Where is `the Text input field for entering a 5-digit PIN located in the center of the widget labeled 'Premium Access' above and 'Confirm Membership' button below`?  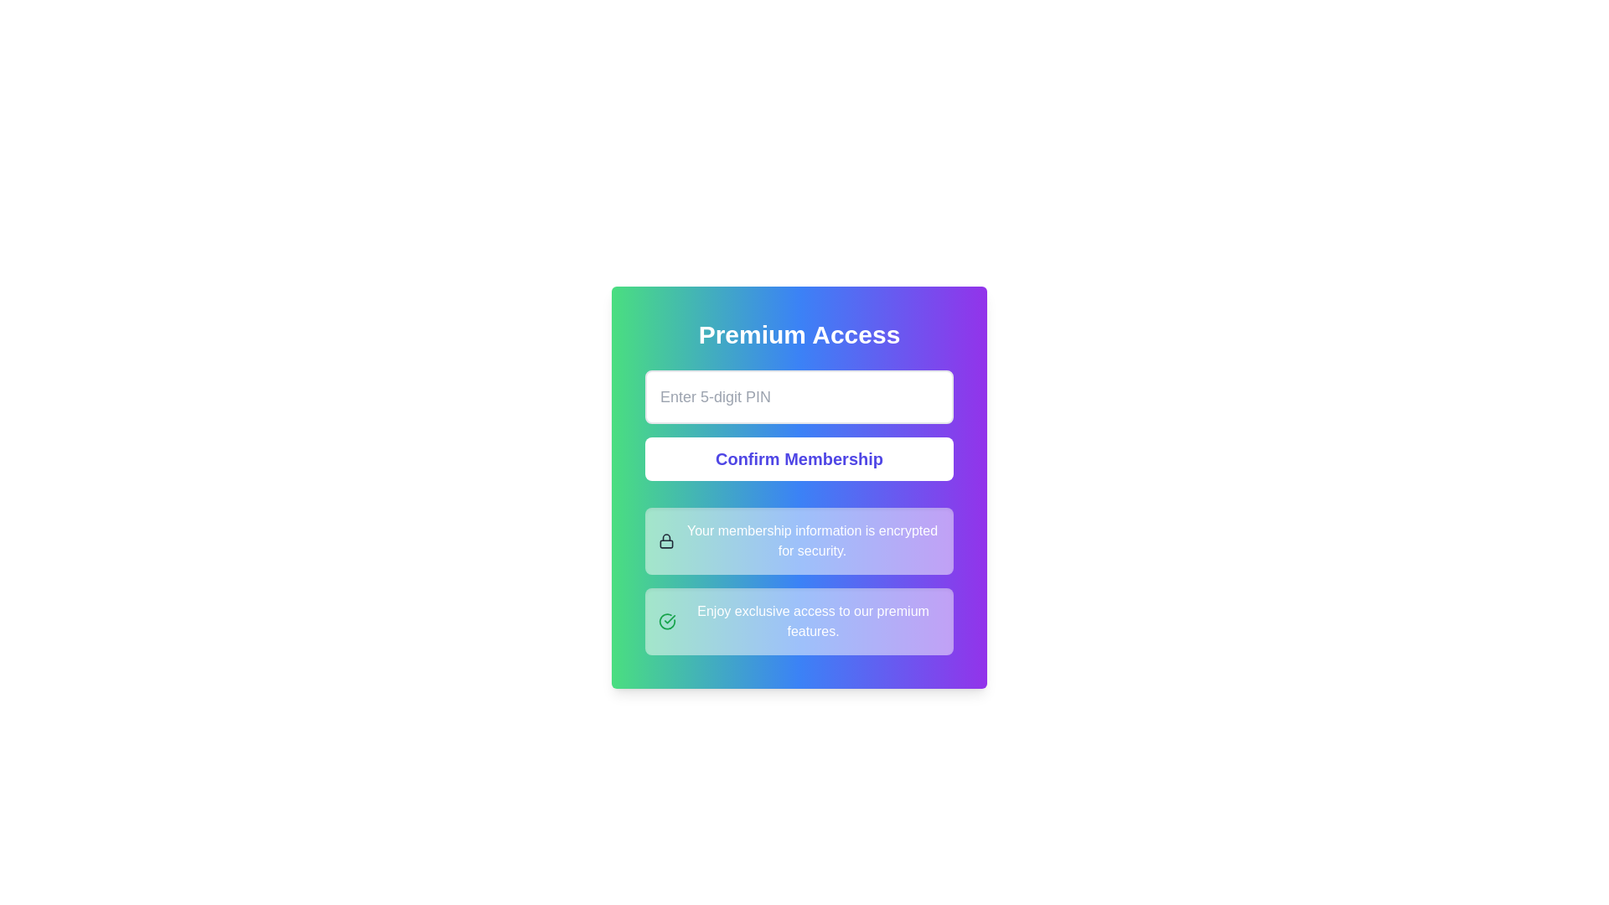 the Text input field for entering a 5-digit PIN located in the center of the widget labeled 'Premium Access' above and 'Confirm Membership' button below is located at coordinates (799, 397).